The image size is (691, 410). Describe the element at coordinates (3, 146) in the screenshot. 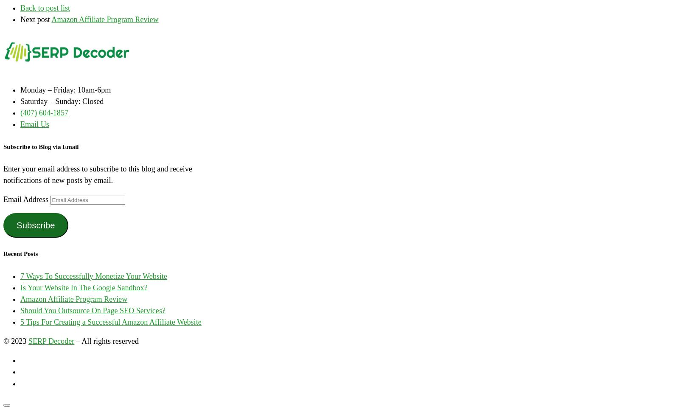

I see `'Subscribe to Blog via Email'` at that location.